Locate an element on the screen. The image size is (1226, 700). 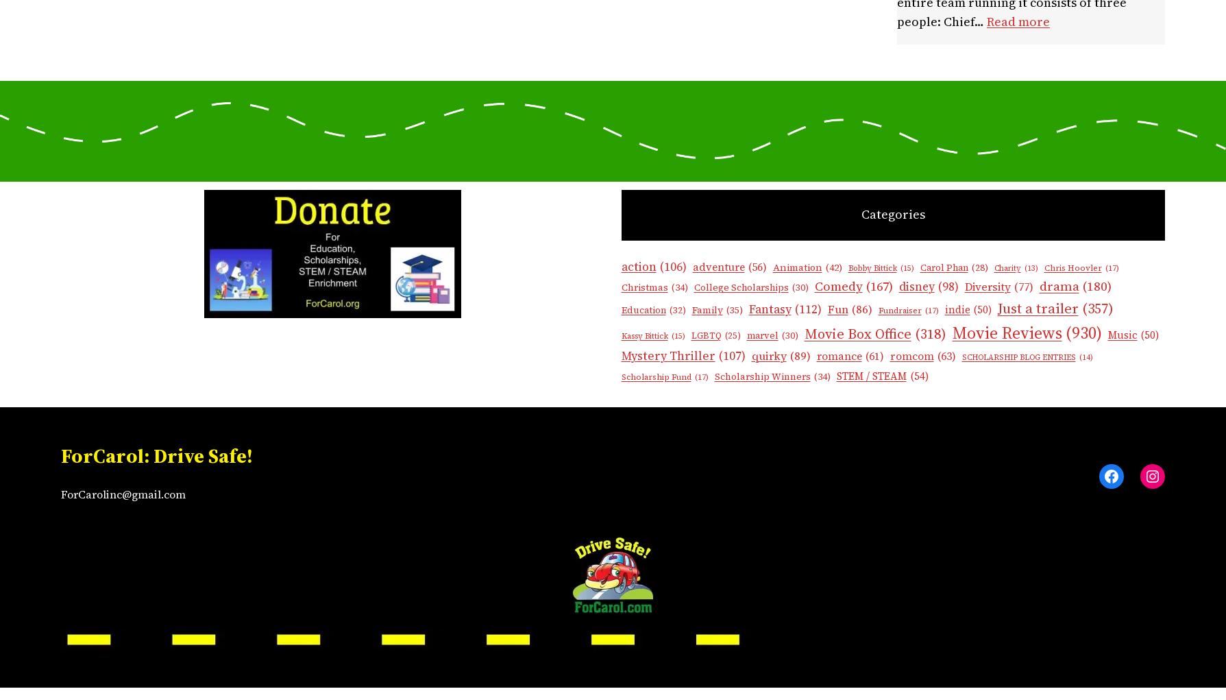
'drama' is located at coordinates (1057, 285).